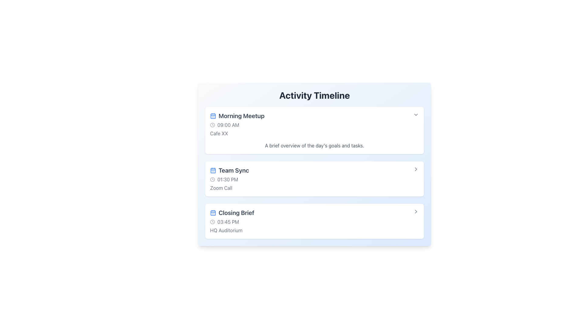 This screenshot has width=583, height=327. Describe the element at coordinates (415, 169) in the screenshot. I see `the Icon Button located at the extreme right of the second 'Team Sync' activity card` at that location.